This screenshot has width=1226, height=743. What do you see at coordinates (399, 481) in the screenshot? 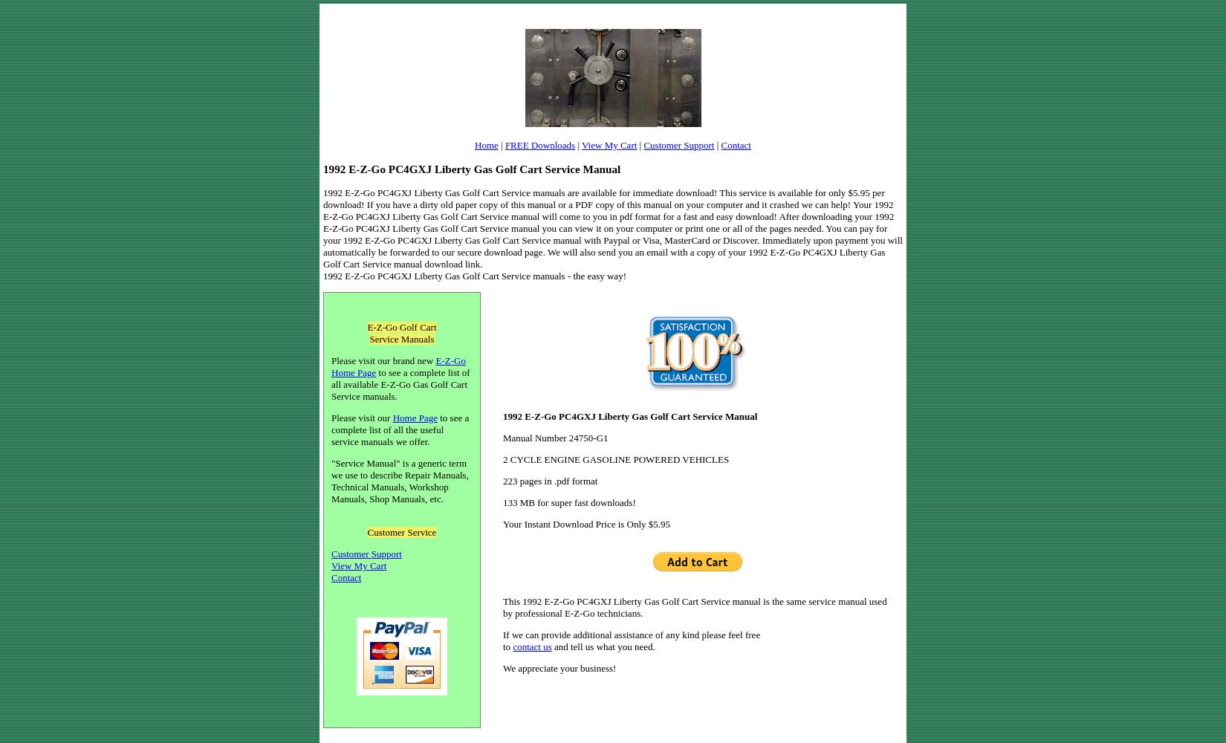
I see `'"Service Manual" is a generic term we use to describe Repair Manuals, Technical Manuals, Workshop Manuals, Shop Manuals, etc.'` at bounding box center [399, 481].